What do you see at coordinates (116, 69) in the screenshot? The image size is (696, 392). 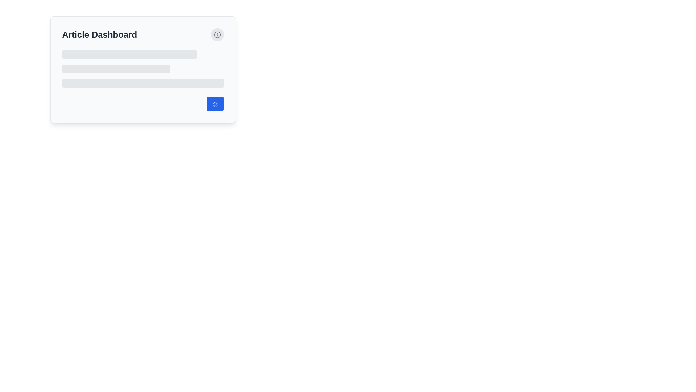 I see `the second decorative placeholder bar, which serves as a visual indicator positioned between a wider top bar and a full-width bottom bar` at bounding box center [116, 69].